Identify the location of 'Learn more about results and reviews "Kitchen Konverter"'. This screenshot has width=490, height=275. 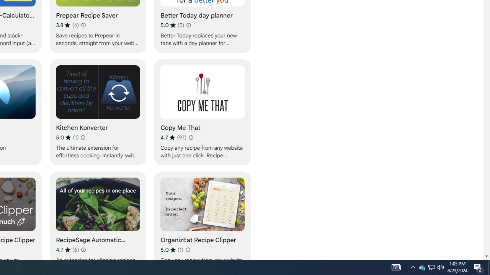
(83, 137).